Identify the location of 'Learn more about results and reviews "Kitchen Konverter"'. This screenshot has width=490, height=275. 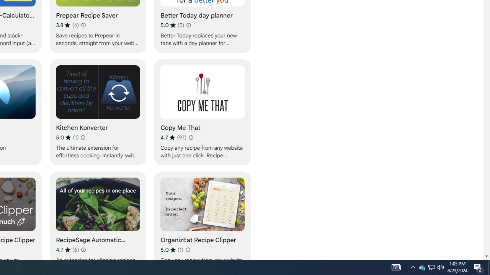
(83, 137).